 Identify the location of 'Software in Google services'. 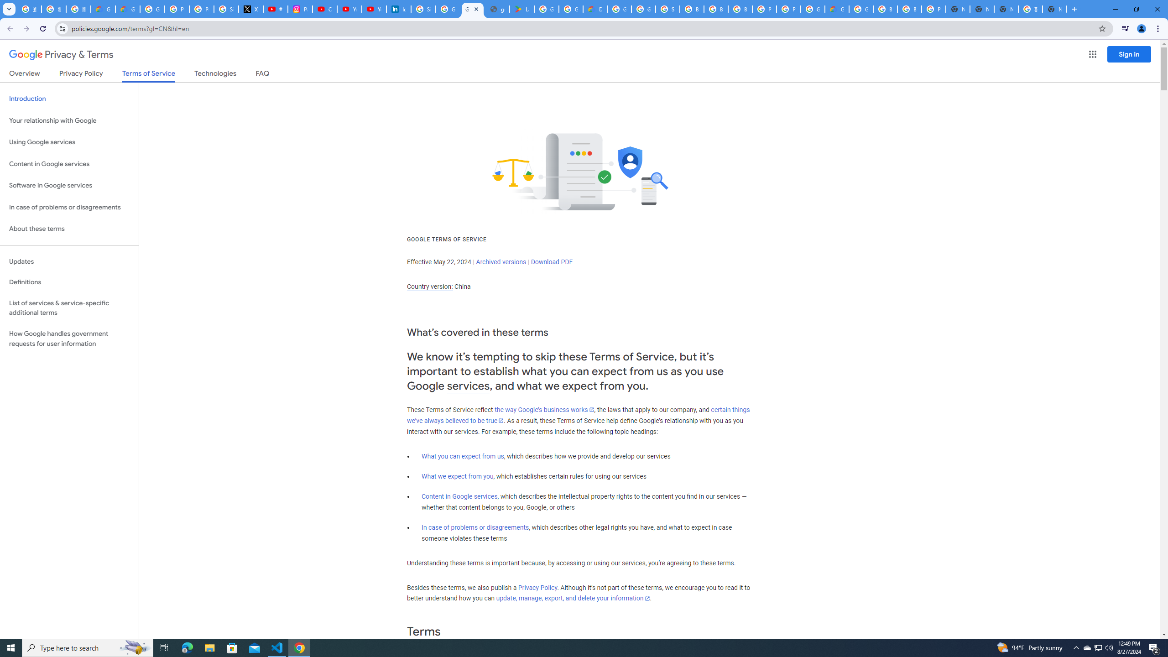
(69, 185).